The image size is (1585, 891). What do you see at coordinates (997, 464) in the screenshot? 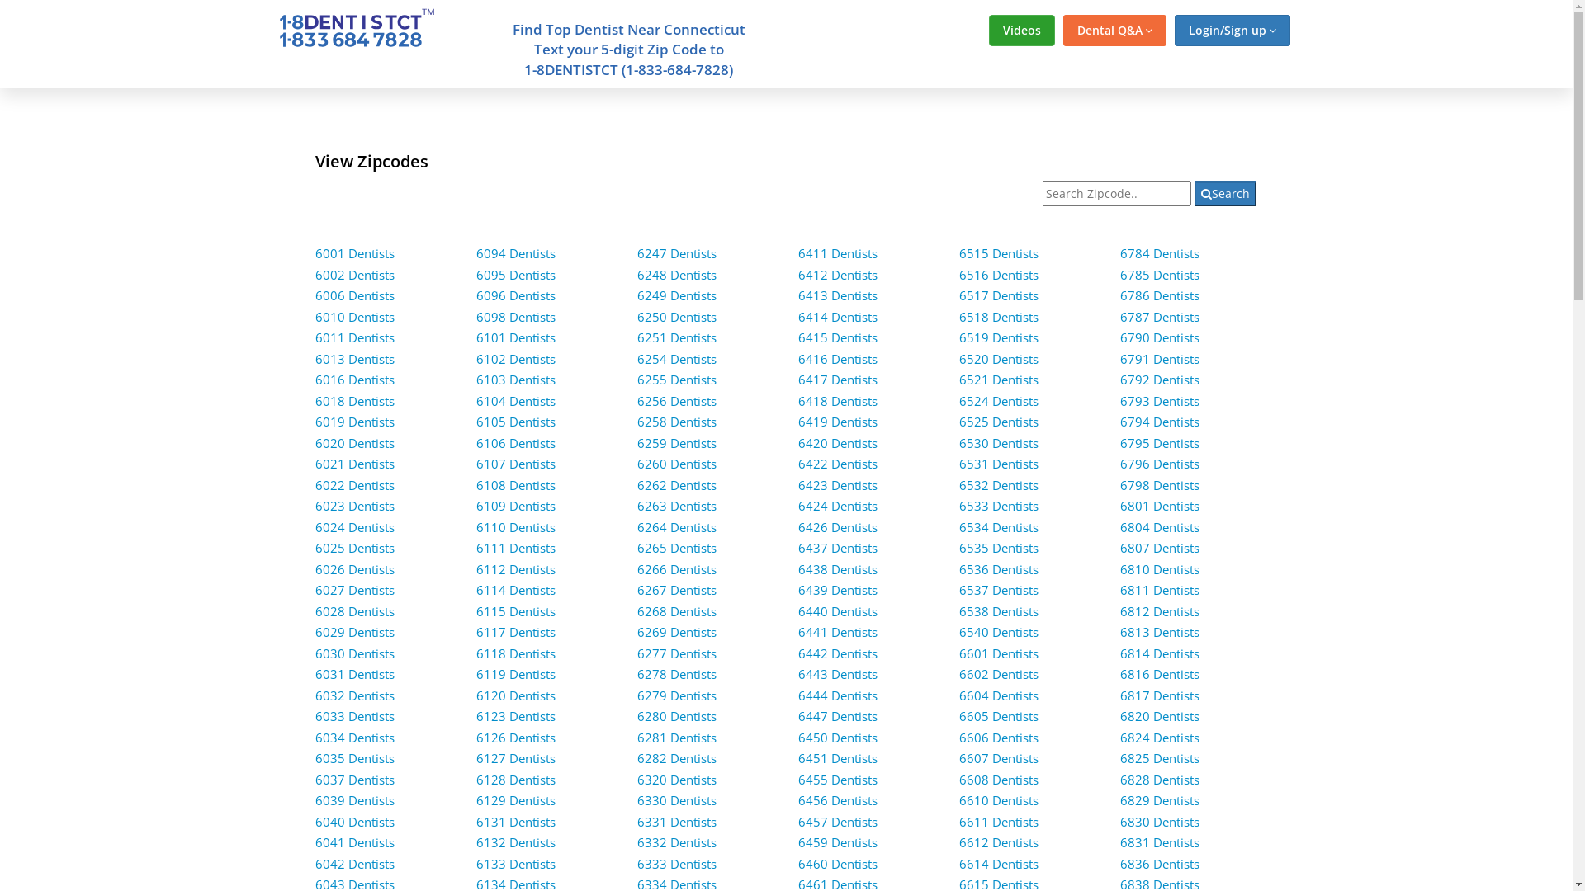
I see `'6531 Dentists'` at bounding box center [997, 464].